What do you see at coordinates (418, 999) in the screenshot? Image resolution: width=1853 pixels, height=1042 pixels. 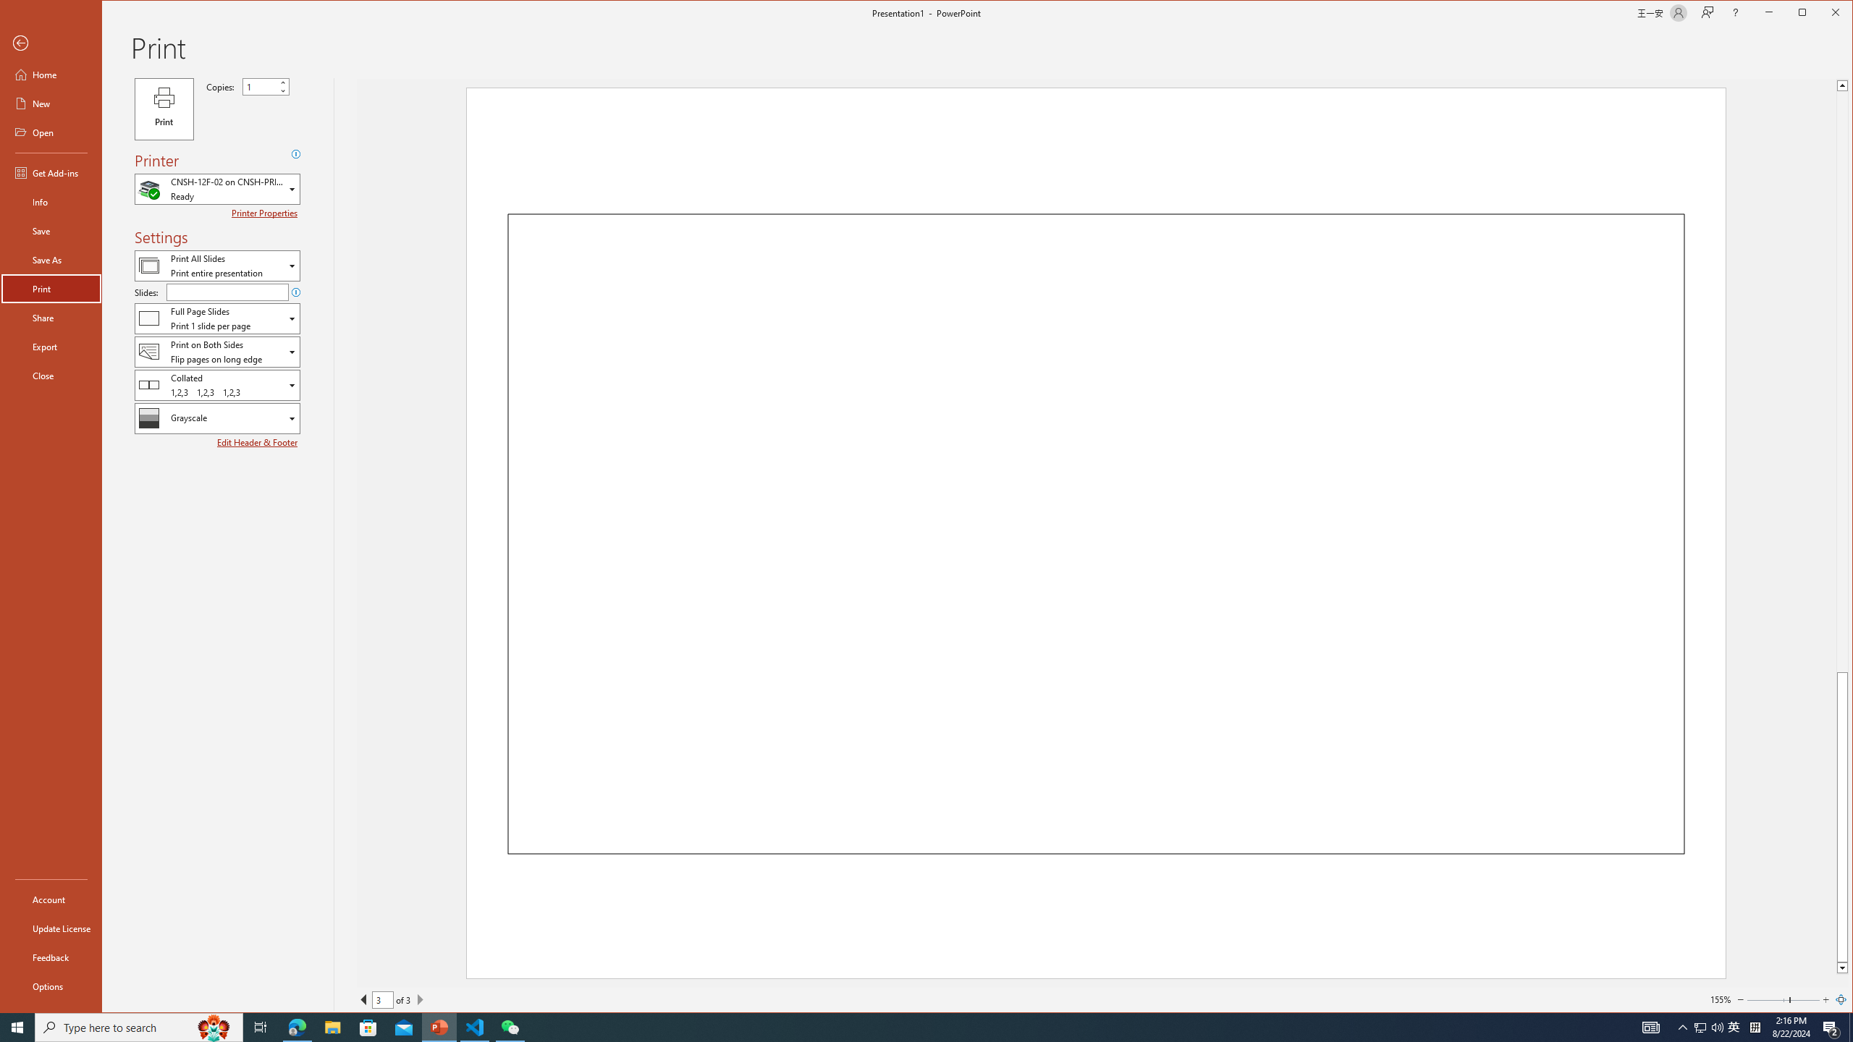 I see `'Next Page'` at bounding box center [418, 999].